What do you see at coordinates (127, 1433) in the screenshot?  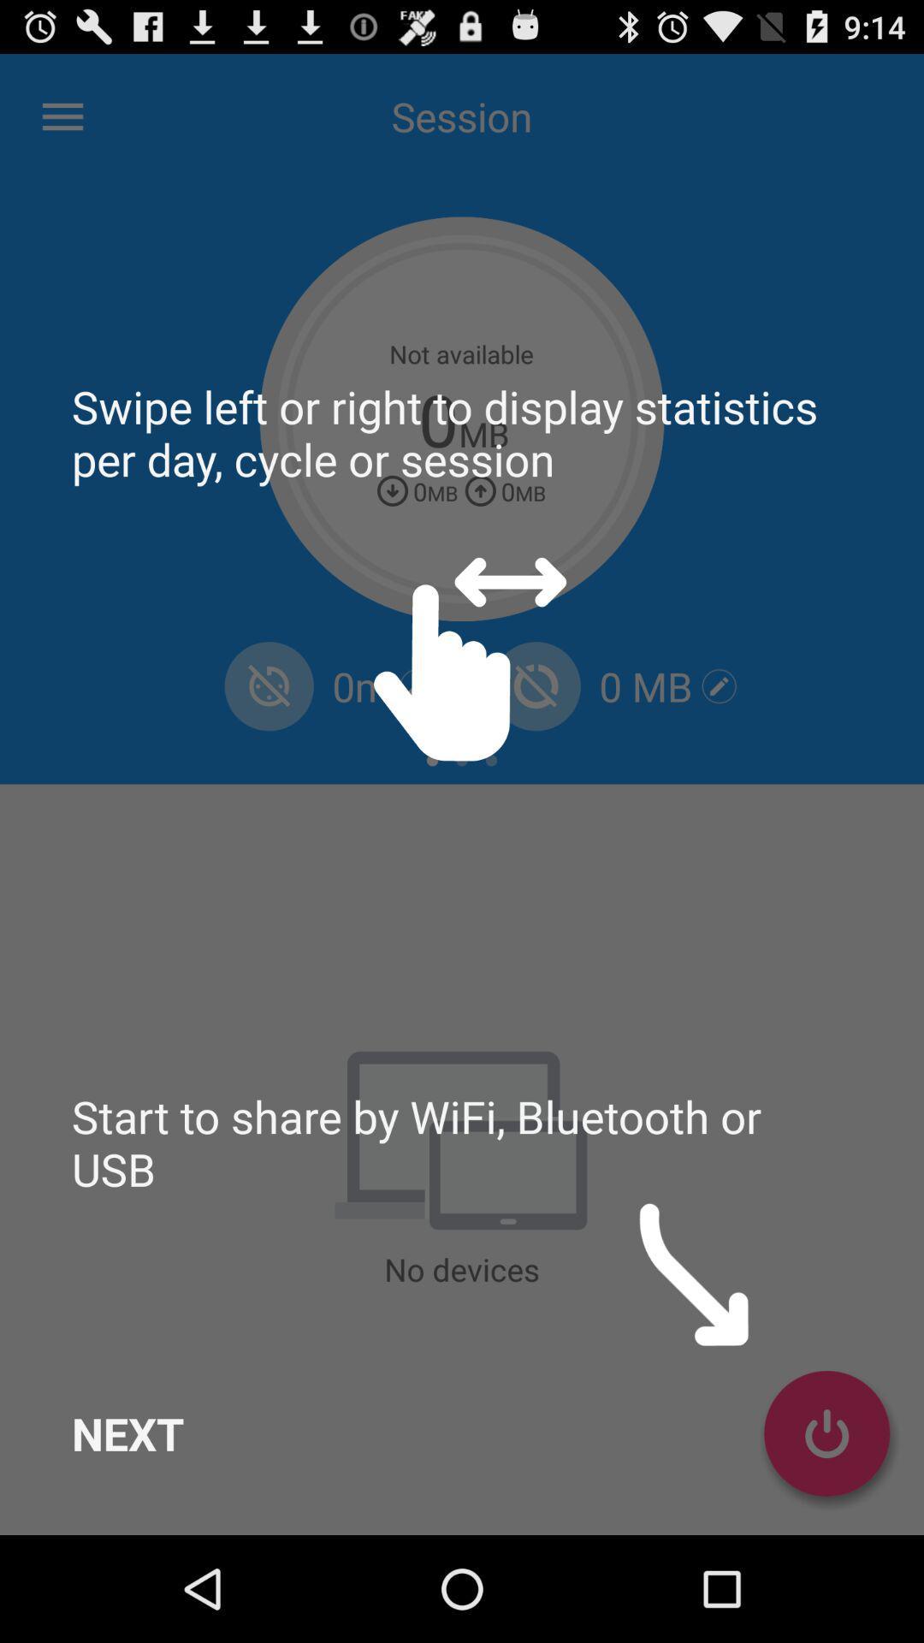 I see `the next at the bottom left corner` at bounding box center [127, 1433].